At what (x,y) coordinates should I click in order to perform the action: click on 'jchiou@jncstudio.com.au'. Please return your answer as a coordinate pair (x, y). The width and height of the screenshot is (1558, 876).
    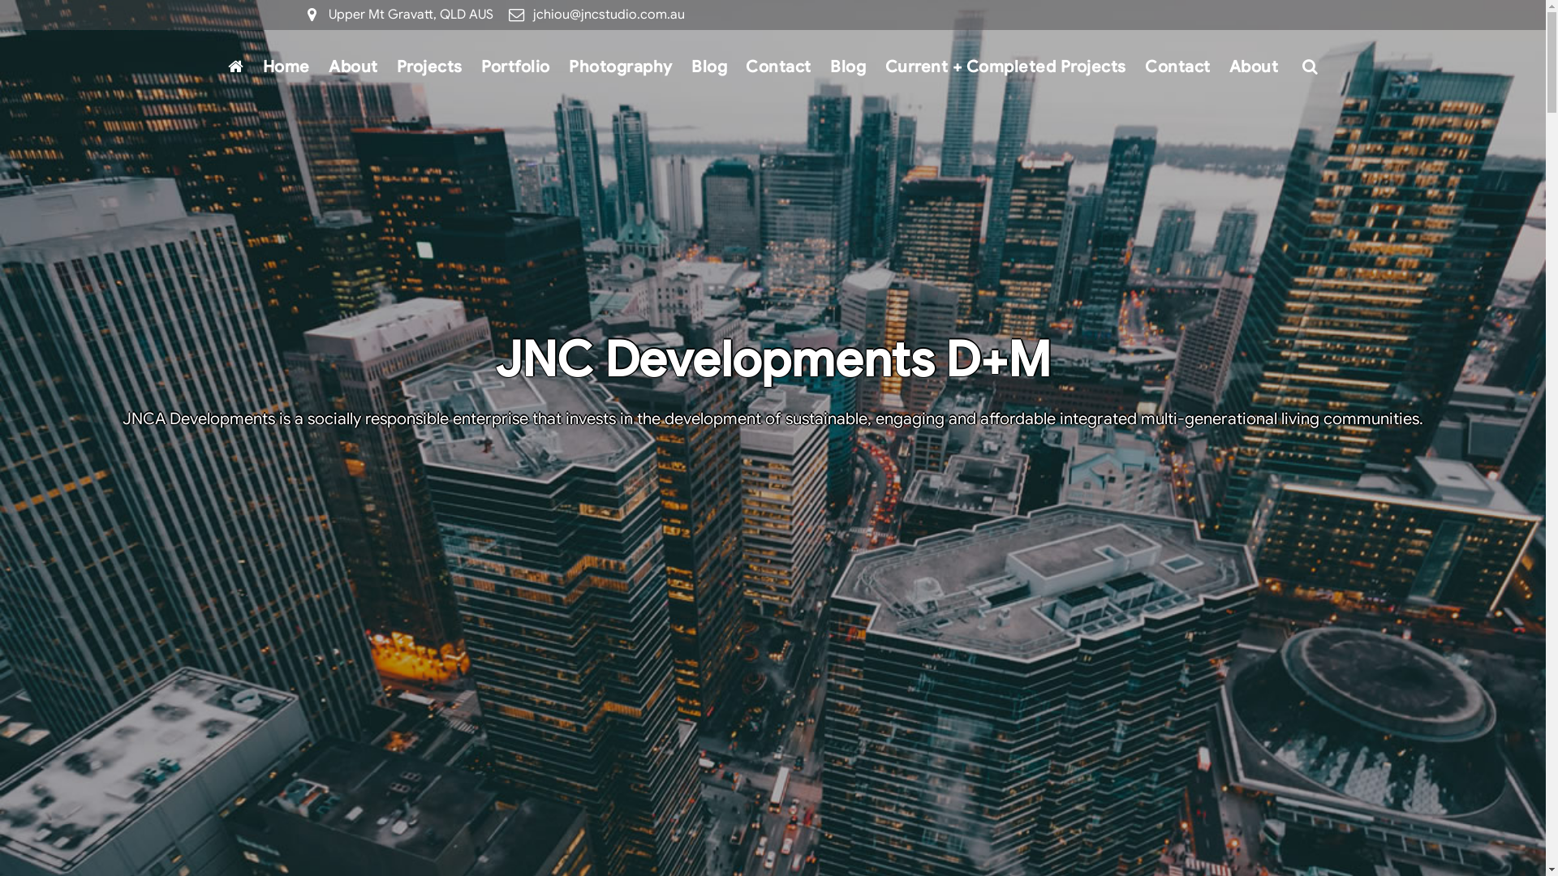
    Looking at the image, I should click on (607, 15).